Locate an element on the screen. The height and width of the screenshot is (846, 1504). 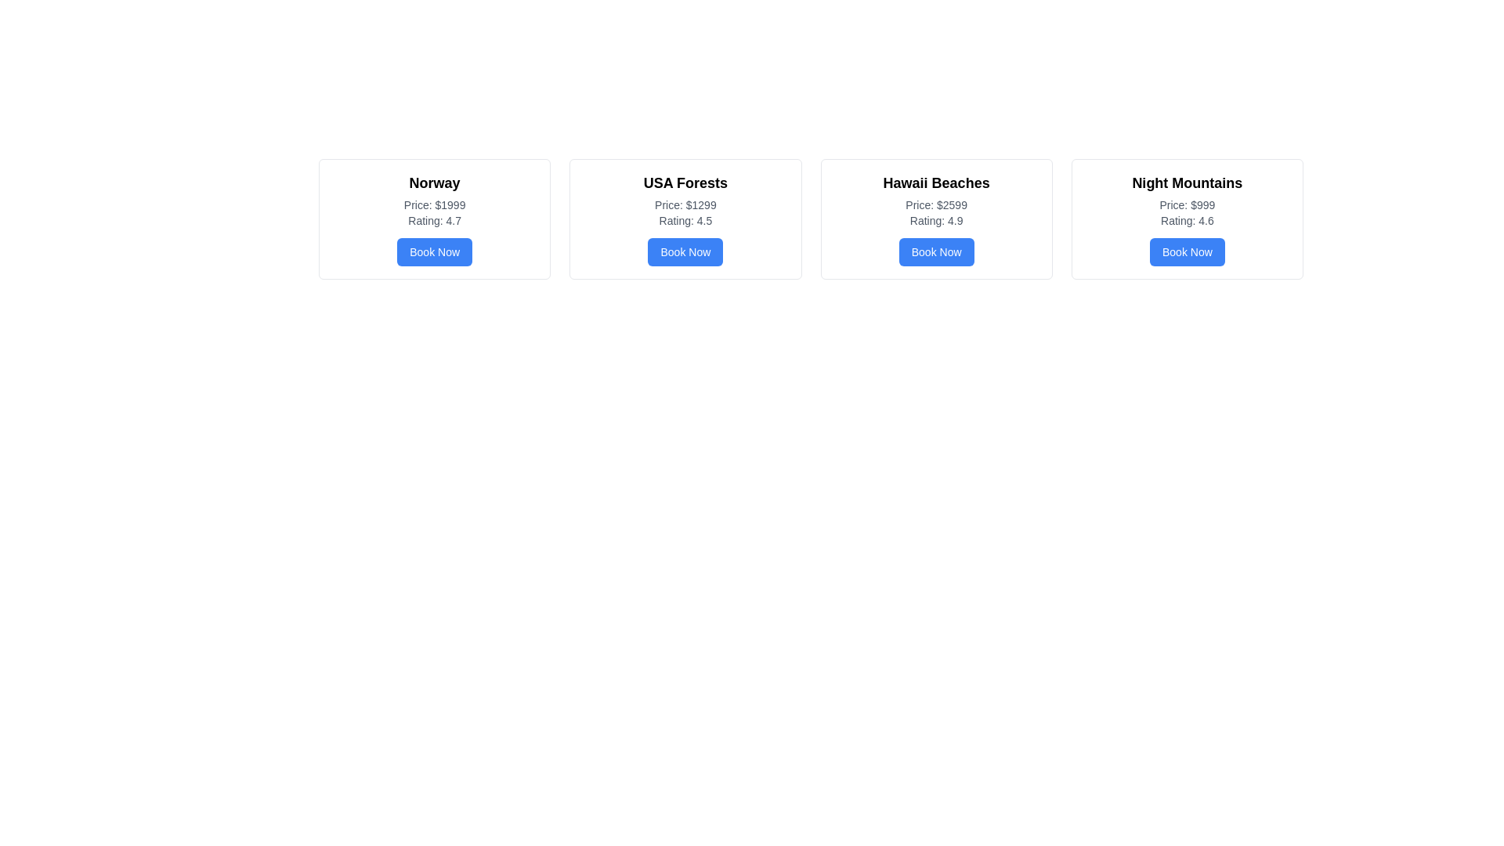
the button to initiate the booking process for the 'Hawaii Beaches' offering, located below the 'Rating: 4.9' text in the third card of the horizontal list is located at coordinates (936, 251).